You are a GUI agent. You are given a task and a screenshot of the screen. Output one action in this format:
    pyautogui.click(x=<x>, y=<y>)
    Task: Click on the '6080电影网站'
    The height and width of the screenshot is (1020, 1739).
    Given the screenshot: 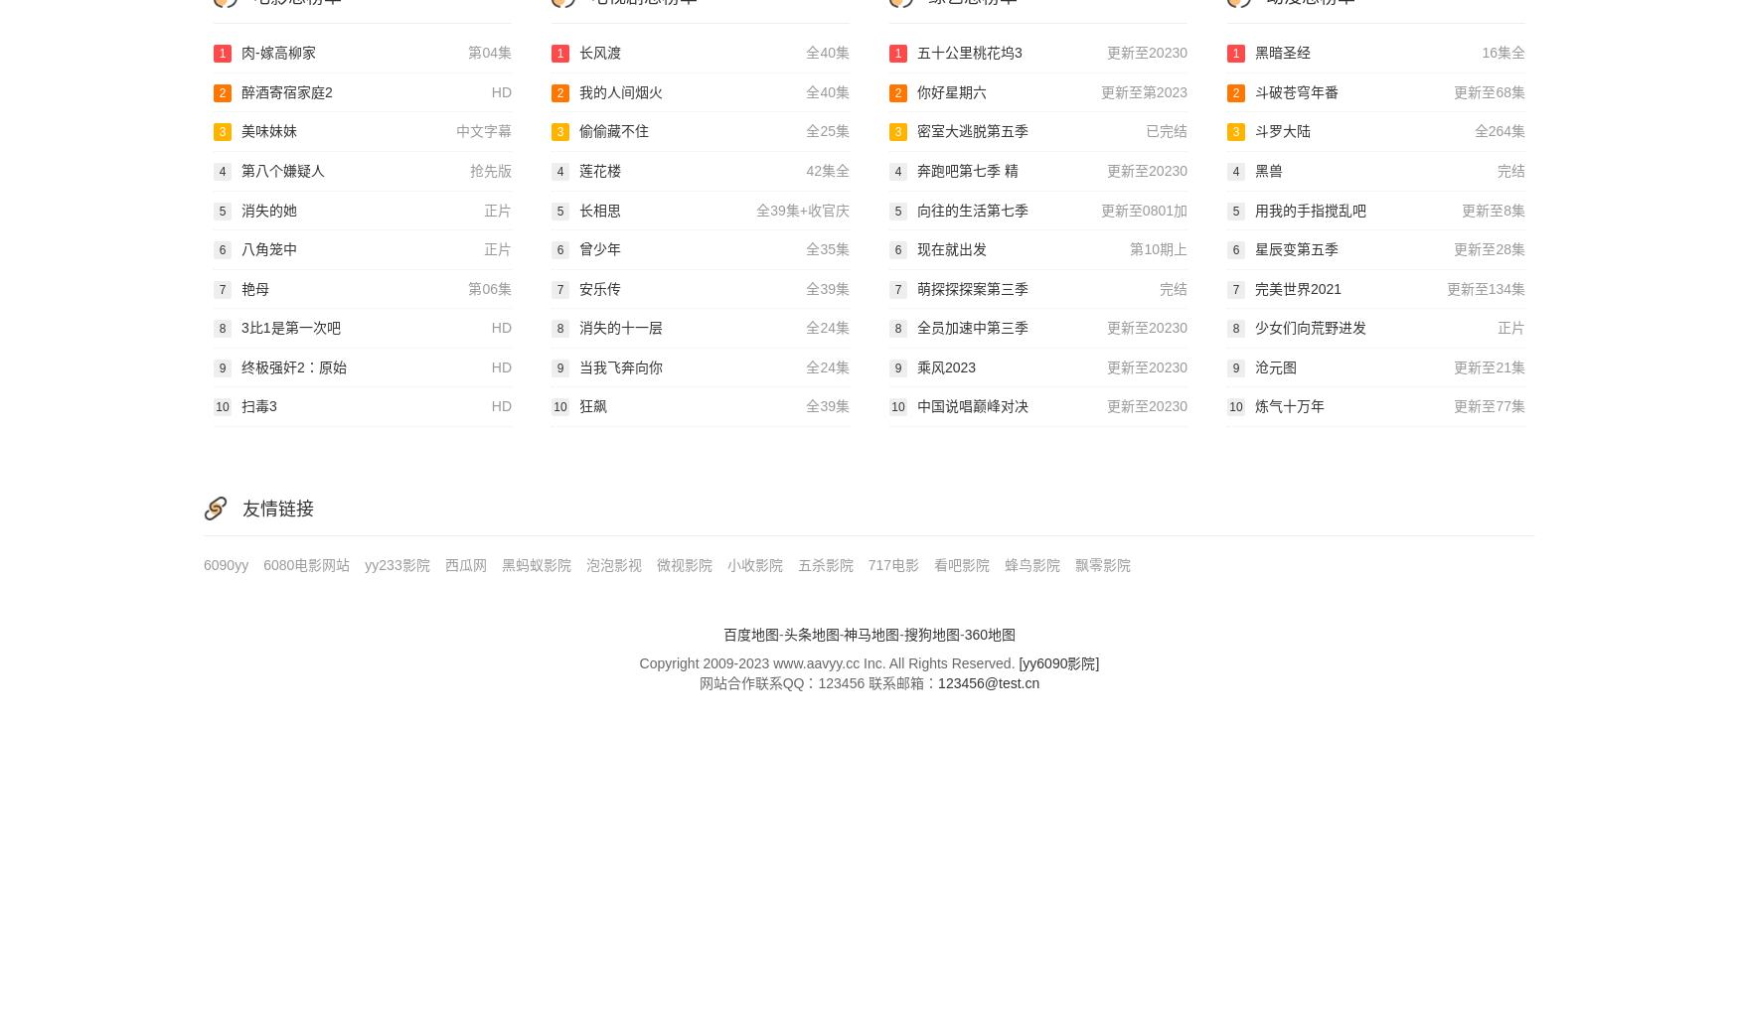 What is the action you would take?
    pyautogui.click(x=305, y=563)
    